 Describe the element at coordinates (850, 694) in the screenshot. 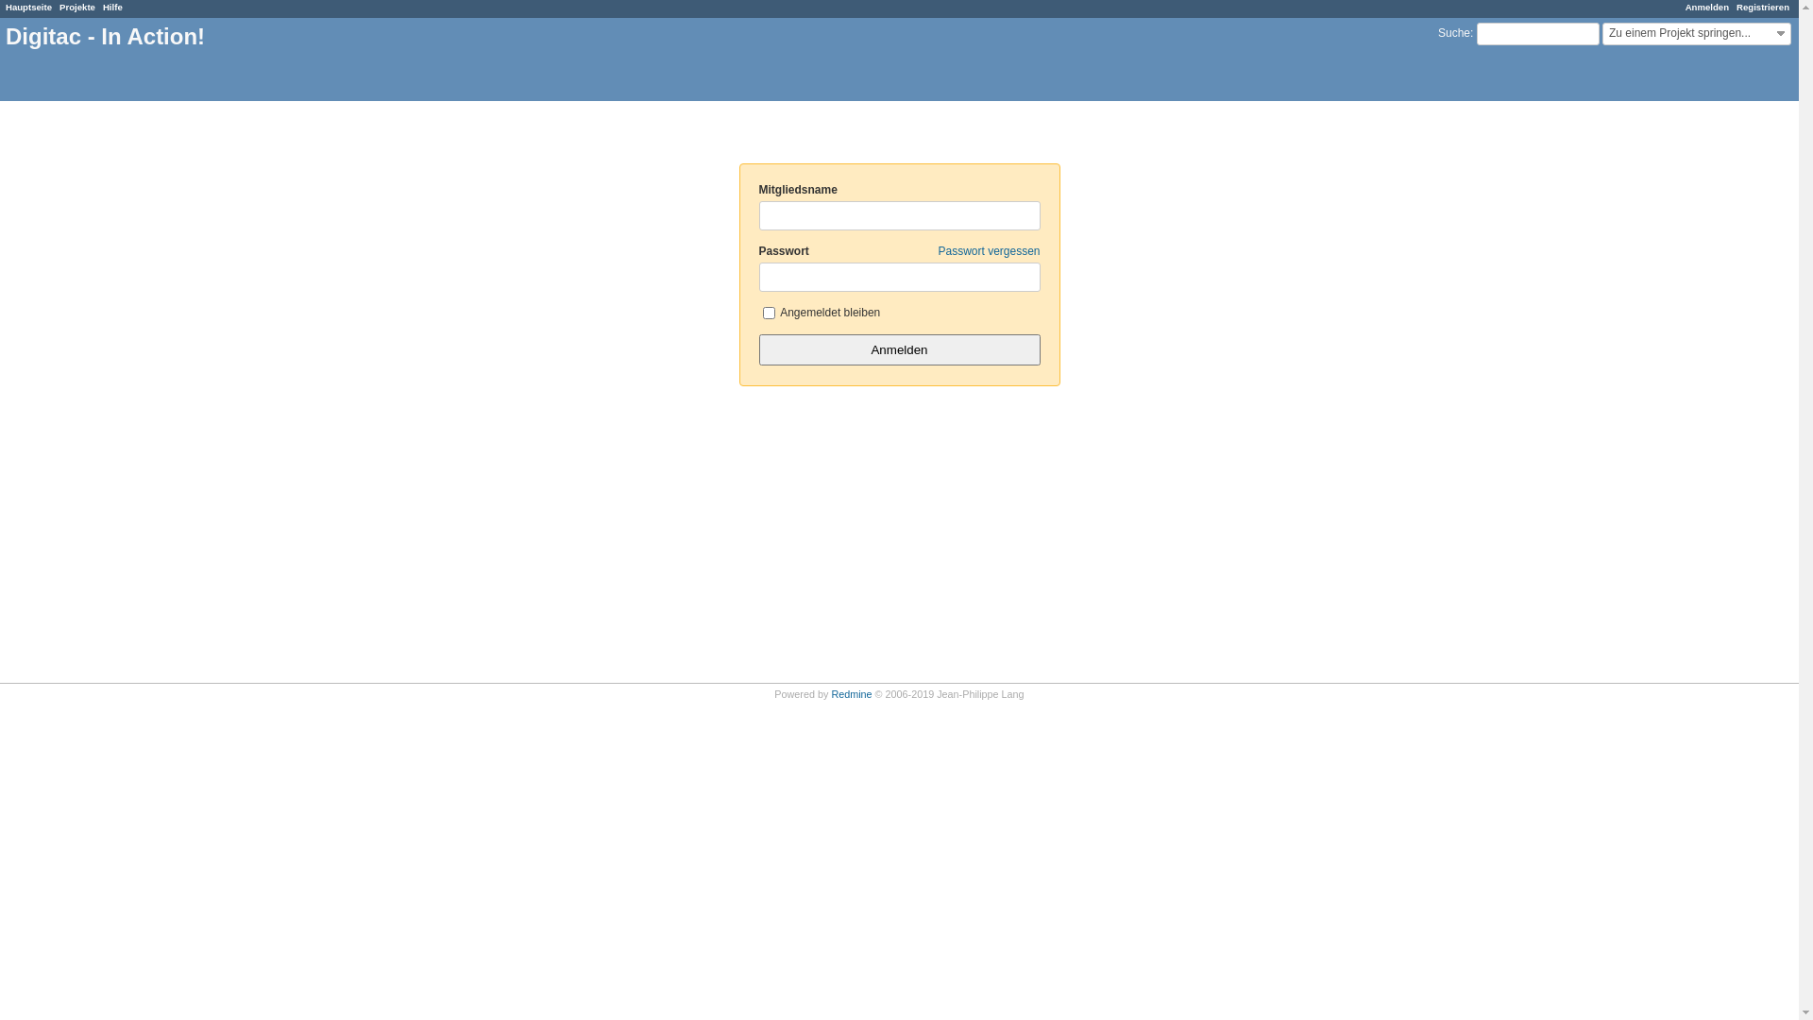

I see `'Redmine'` at that location.